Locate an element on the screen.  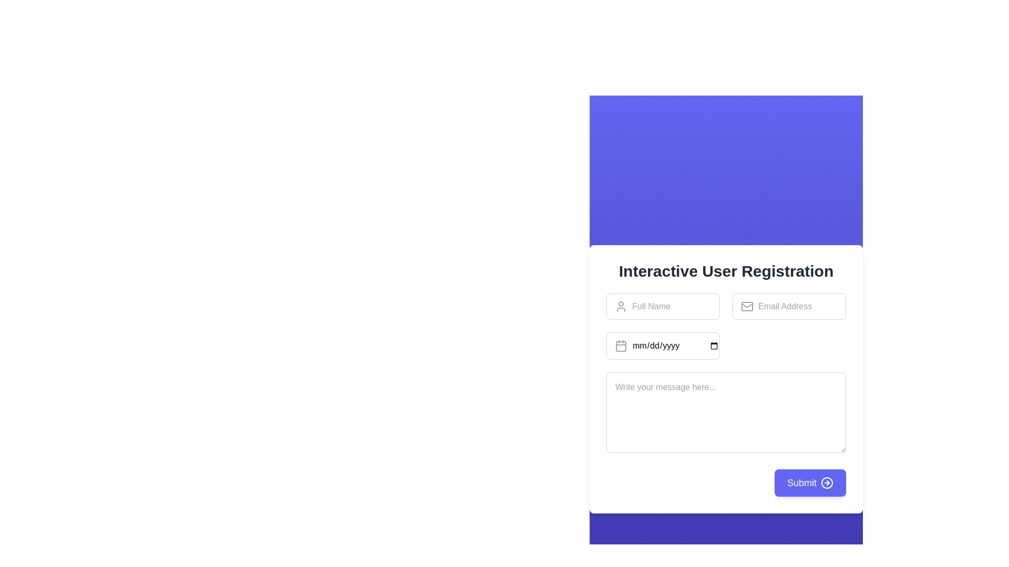
the Date Input Field to focus it, which is the third interactive element in the form located below the 'Full Name' and 'Email Address' fields is located at coordinates (663, 345).